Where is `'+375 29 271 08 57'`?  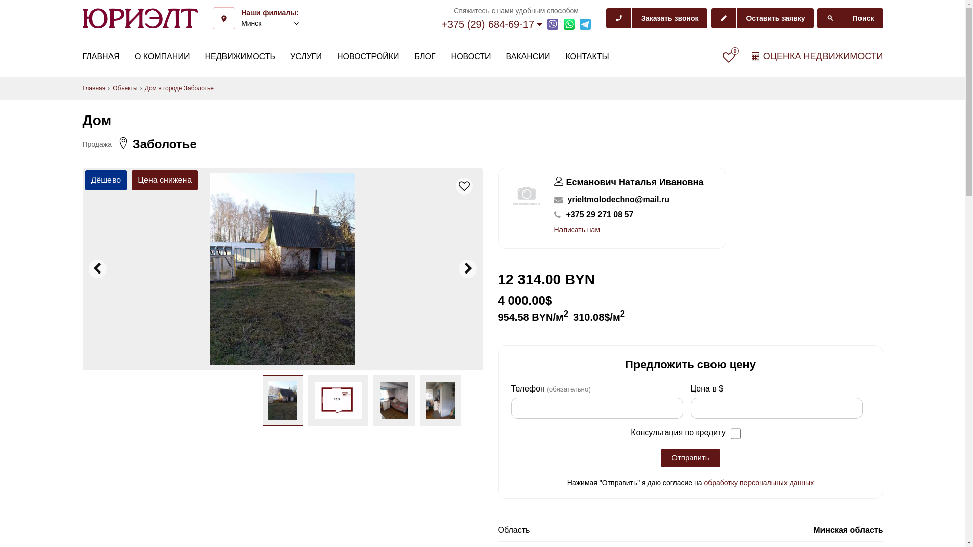 '+375 29 271 08 57' is located at coordinates (599, 214).